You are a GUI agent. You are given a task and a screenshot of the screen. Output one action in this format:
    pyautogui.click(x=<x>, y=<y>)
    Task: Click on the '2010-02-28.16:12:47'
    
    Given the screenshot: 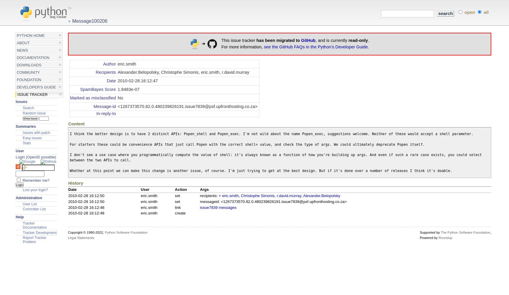 What is the action you would take?
    pyautogui.click(x=137, y=81)
    